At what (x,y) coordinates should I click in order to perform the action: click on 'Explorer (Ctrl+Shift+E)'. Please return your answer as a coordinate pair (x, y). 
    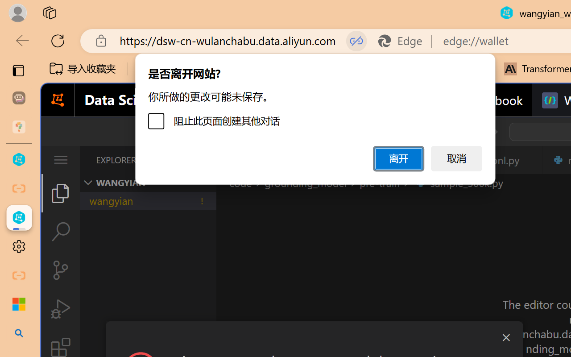
    Looking at the image, I should click on (60, 193).